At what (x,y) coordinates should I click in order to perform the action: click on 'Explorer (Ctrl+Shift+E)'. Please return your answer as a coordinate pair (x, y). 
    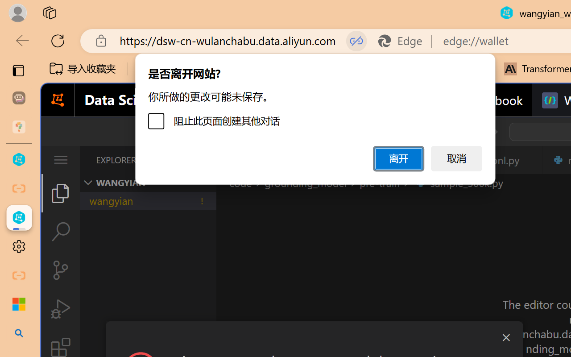
    Looking at the image, I should click on (60, 193).